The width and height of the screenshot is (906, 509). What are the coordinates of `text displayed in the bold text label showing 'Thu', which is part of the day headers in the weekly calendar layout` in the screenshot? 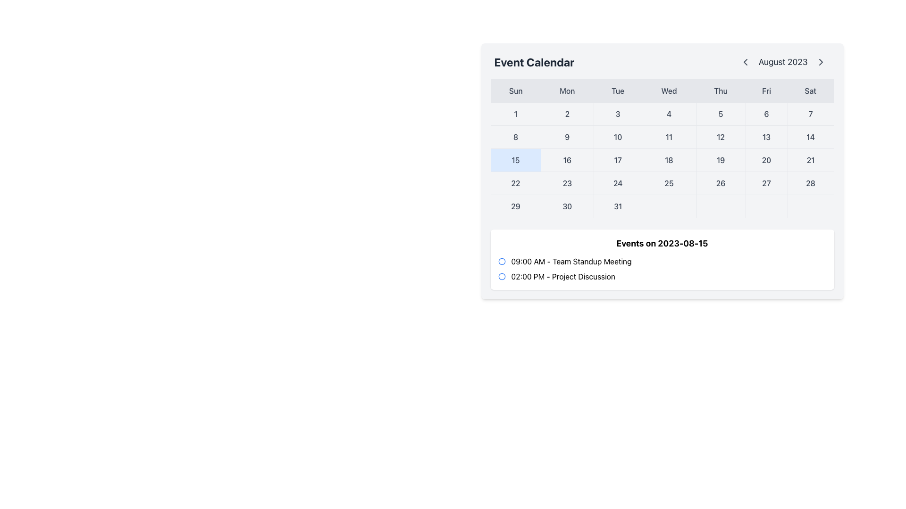 It's located at (720, 90).